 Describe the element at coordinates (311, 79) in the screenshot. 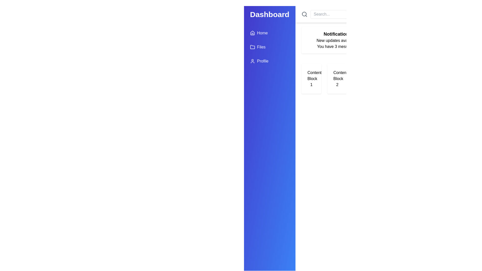

I see `the left-most content block in the grid layout` at that location.